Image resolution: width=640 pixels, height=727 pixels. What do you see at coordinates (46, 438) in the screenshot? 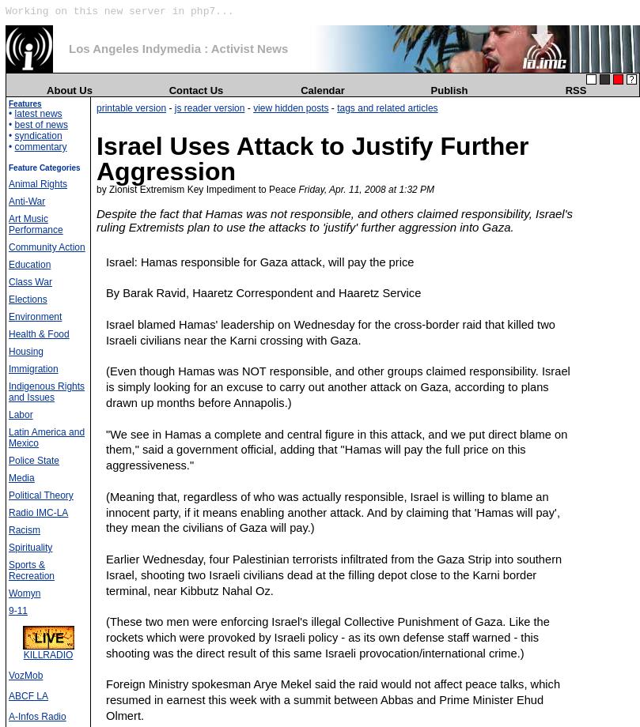
I see `'Latin America and Mexico'` at bounding box center [46, 438].